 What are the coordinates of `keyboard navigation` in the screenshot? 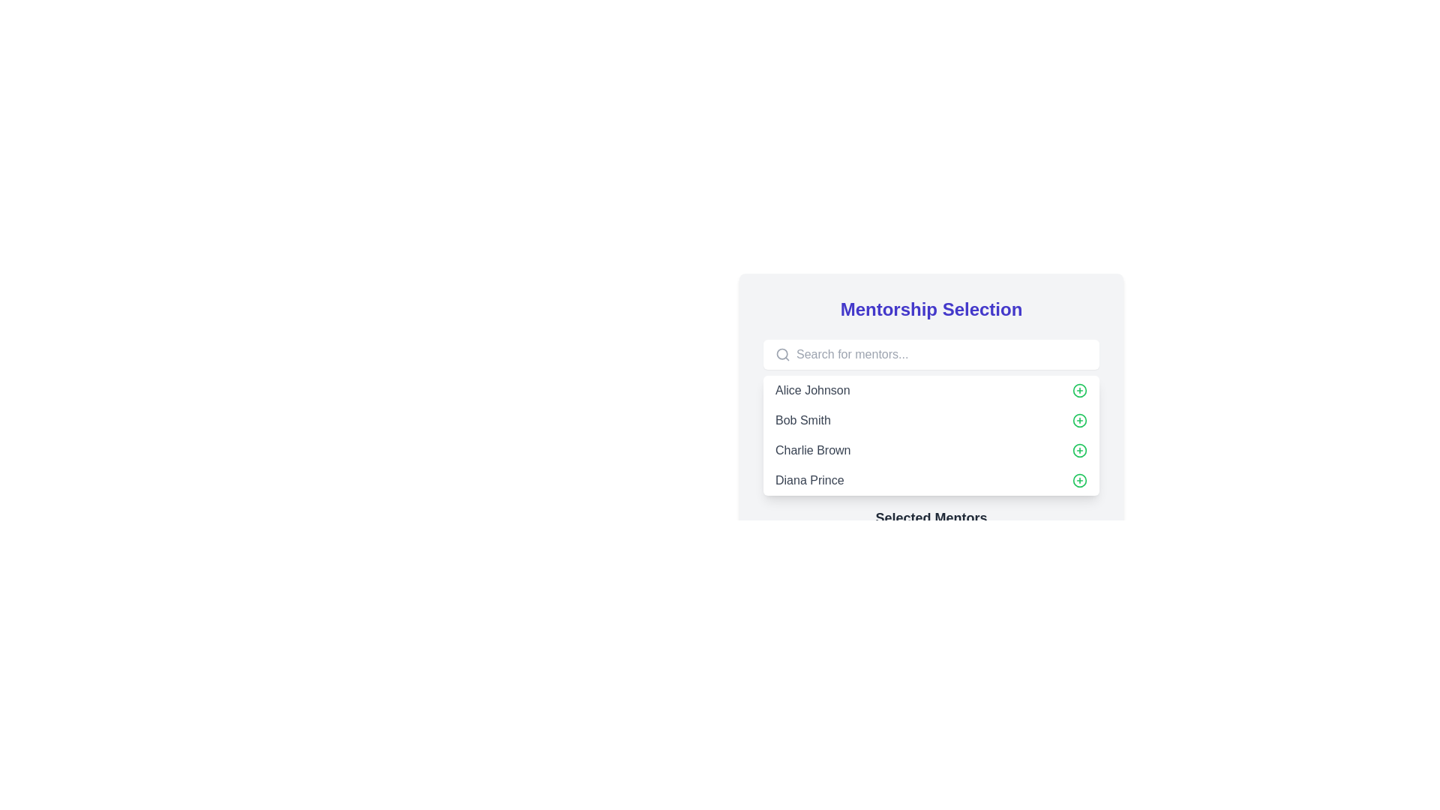 It's located at (1080, 420).